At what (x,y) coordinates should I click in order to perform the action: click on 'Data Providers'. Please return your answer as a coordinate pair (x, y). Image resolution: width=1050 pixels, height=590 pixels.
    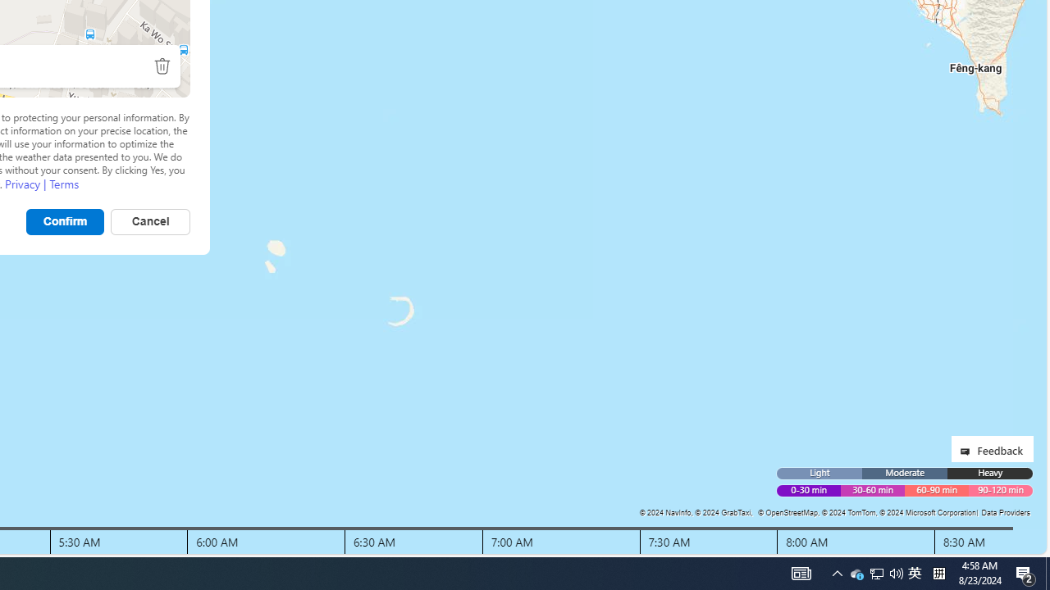
    Looking at the image, I should click on (1004, 511).